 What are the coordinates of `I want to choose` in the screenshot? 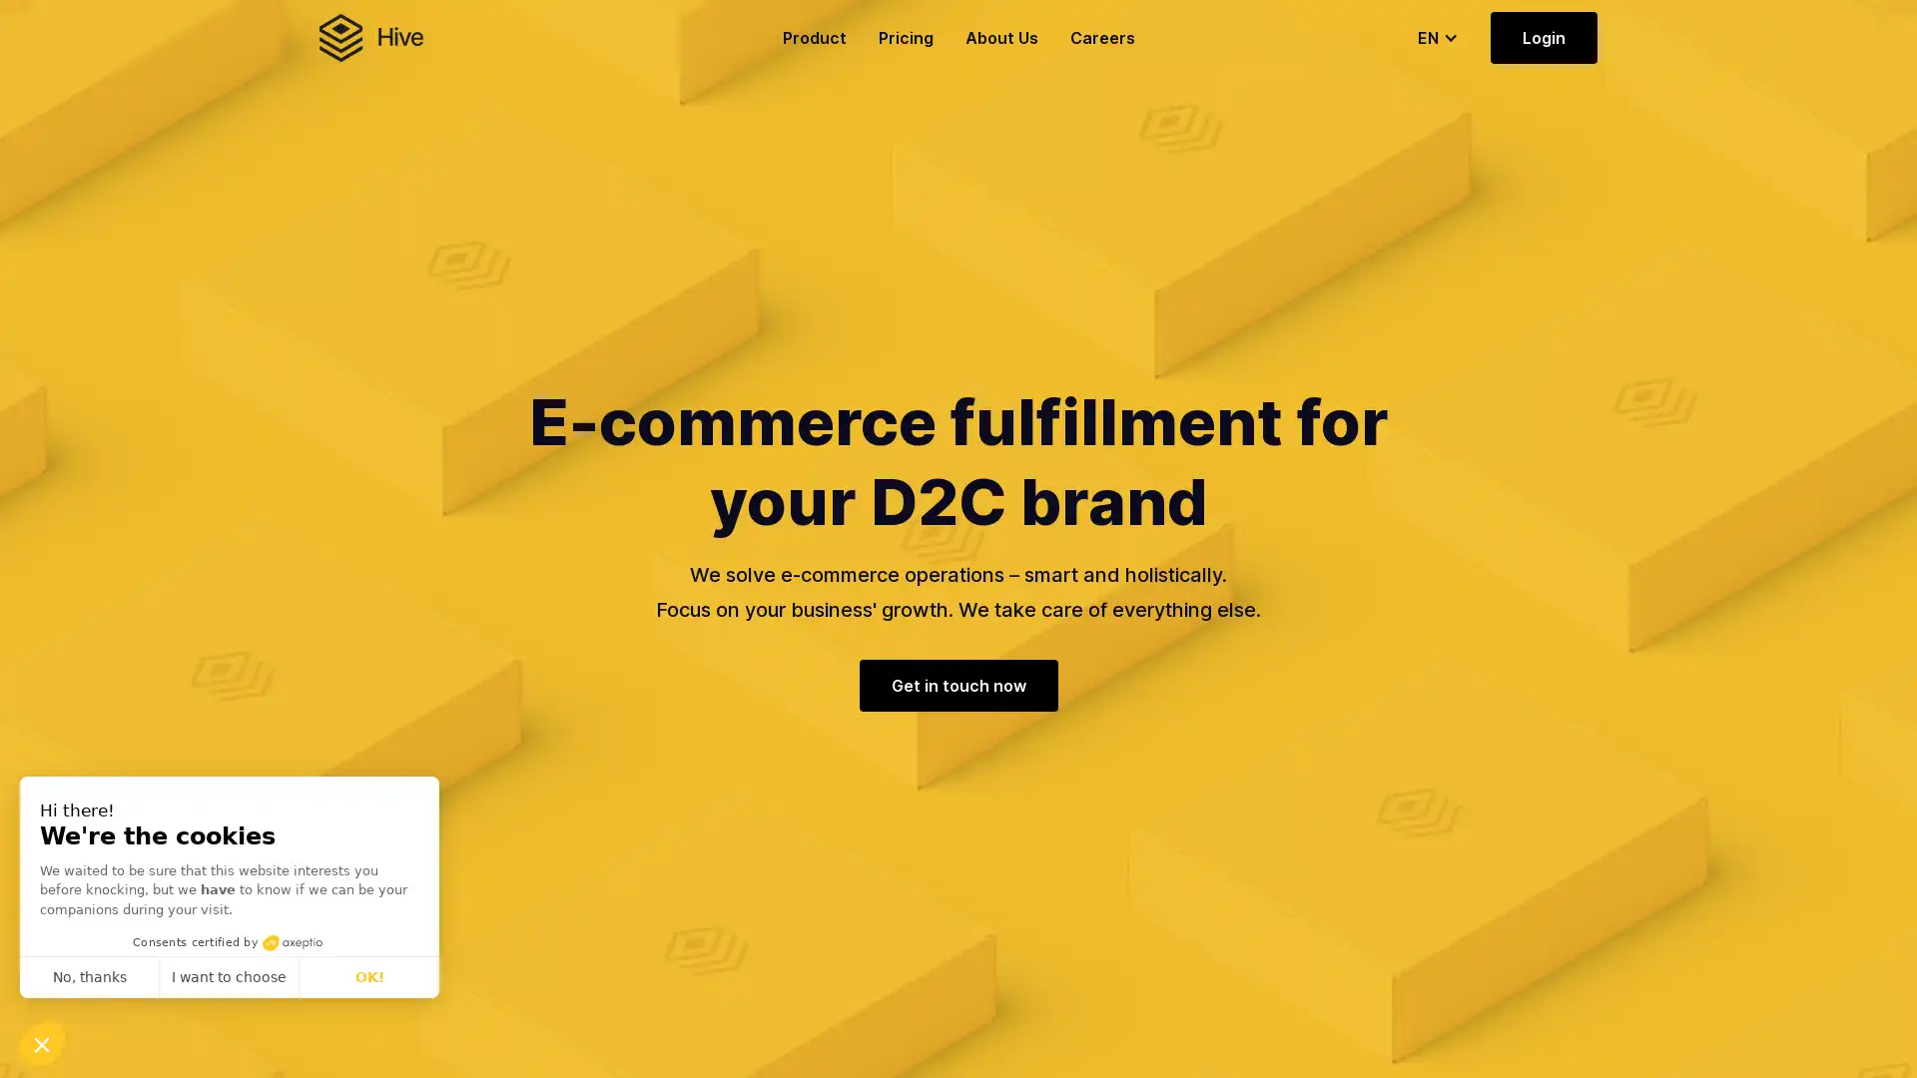 It's located at (230, 976).